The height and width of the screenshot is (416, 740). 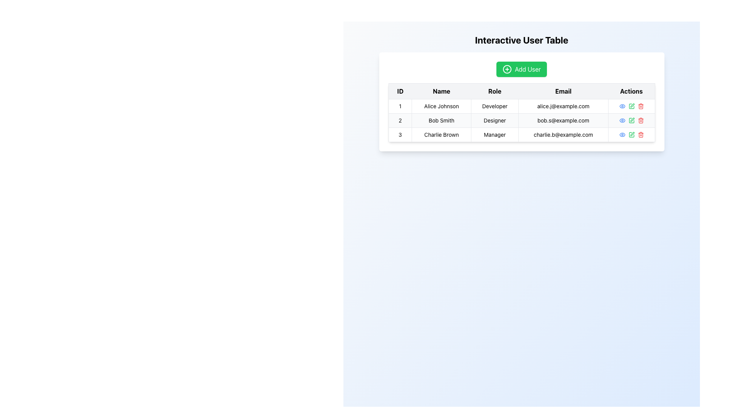 I want to click on the green pencil icon button associated with the edit action located under the 'Actions' column in the last row of the table, so click(x=631, y=134).